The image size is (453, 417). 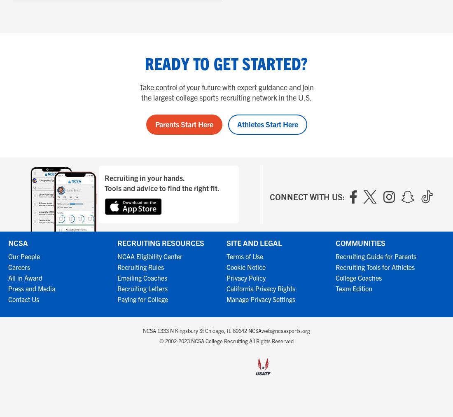 I want to click on 'Communities', so click(x=360, y=242).